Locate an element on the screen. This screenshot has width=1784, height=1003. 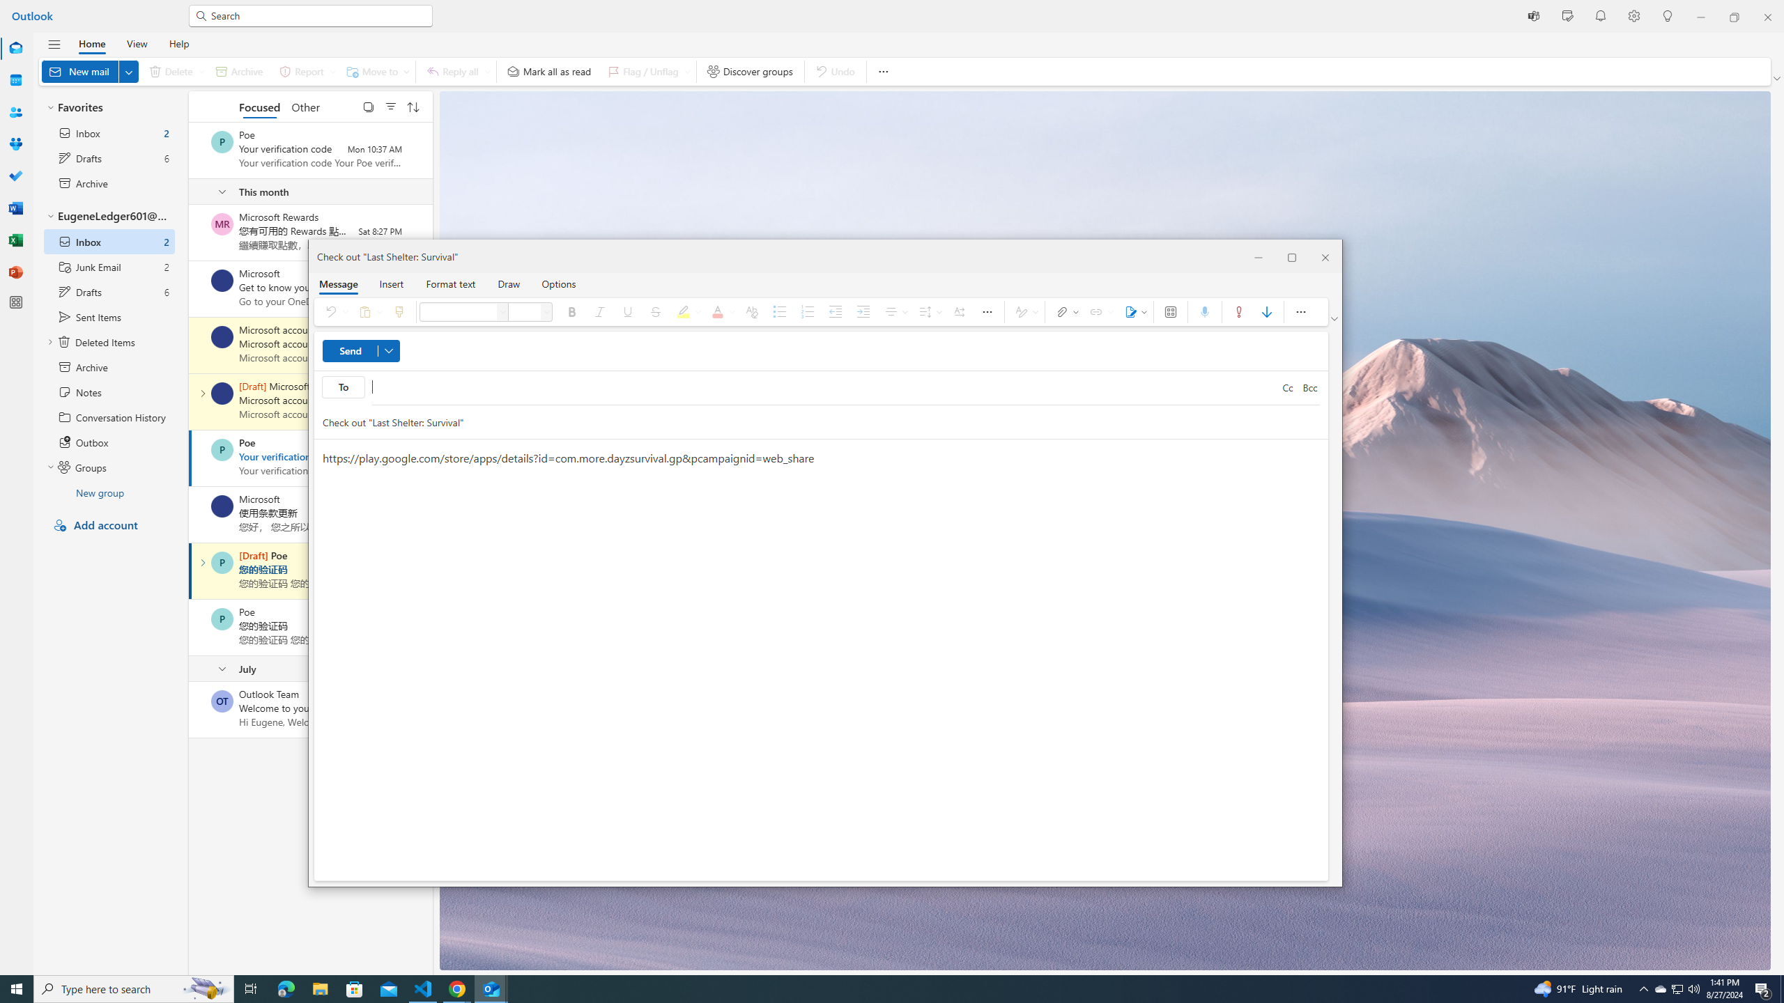
'Mark all as read' is located at coordinates (548, 71).